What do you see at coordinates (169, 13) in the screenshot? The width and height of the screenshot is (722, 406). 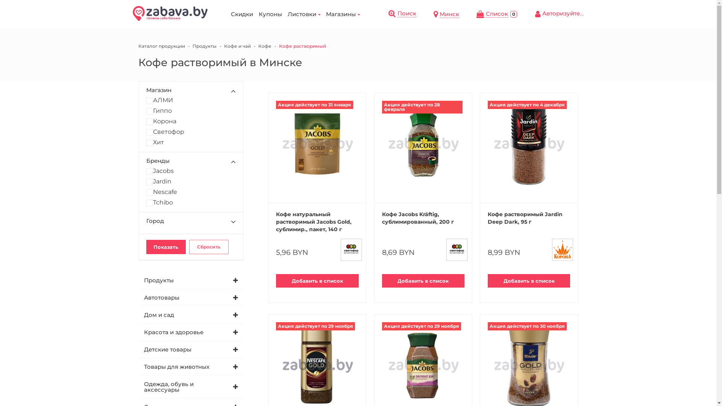 I see `'Zabava.by'` at bounding box center [169, 13].